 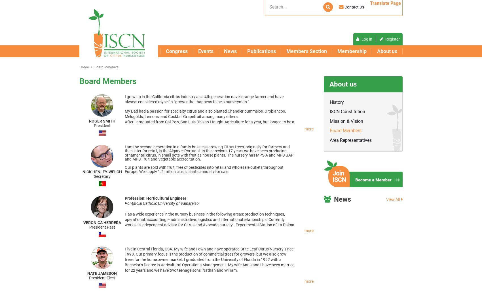 What do you see at coordinates (89, 277) in the screenshot?
I see `'President Elect'` at bounding box center [89, 277].